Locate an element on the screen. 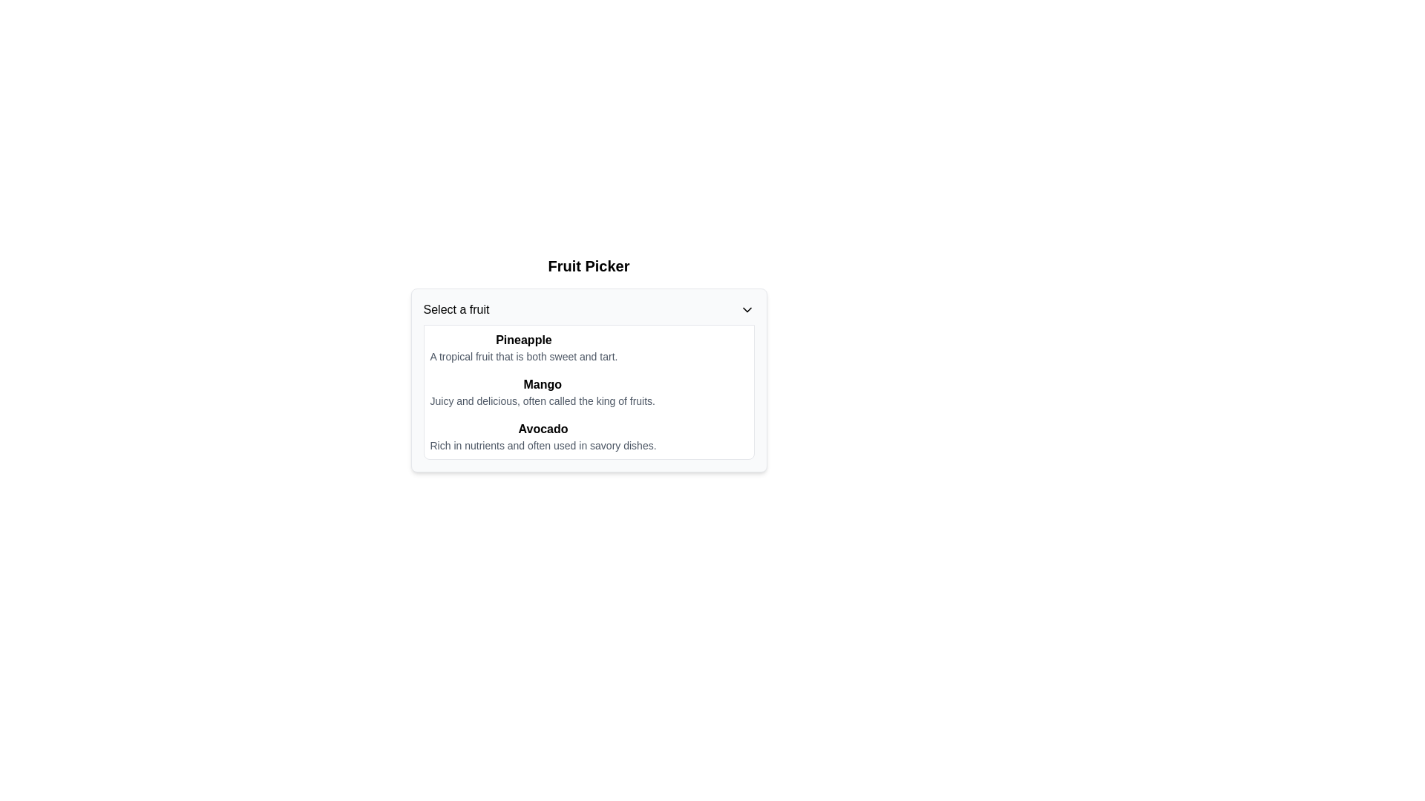 This screenshot has height=801, width=1425. the descriptive text label for the item 'Mango' that is located underneath the title 'Mango' in the middle section of the card is located at coordinates (542, 400).